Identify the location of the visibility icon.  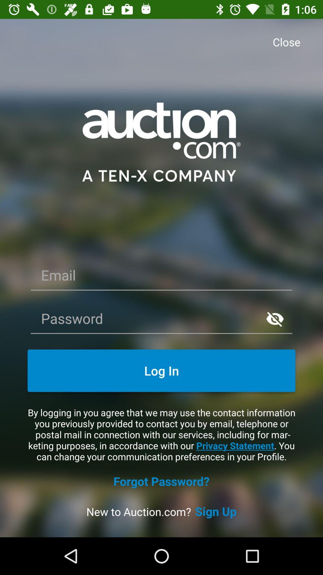
(275, 318).